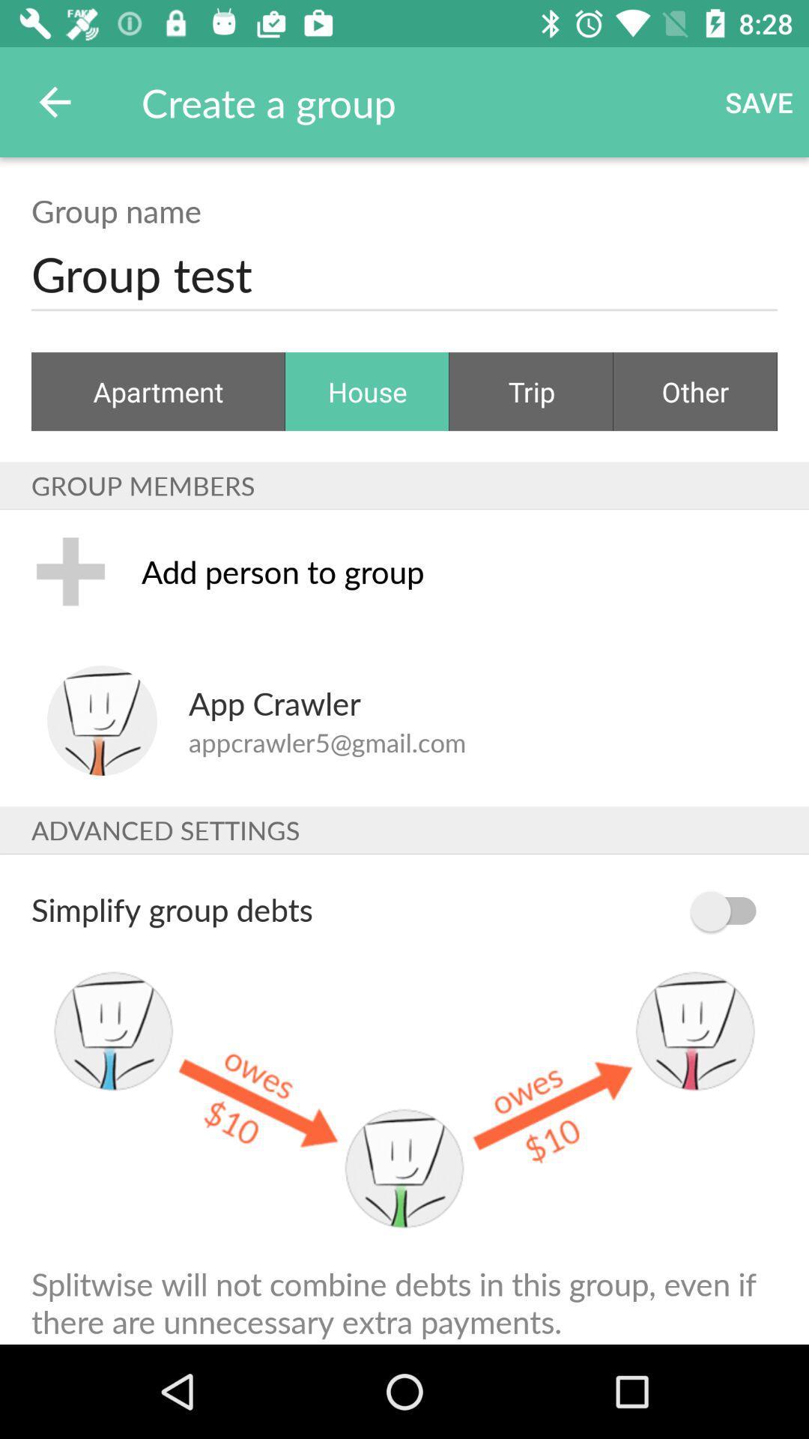 The height and width of the screenshot is (1439, 809). Describe the element at coordinates (730, 911) in the screenshot. I see `icon on the right` at that location.